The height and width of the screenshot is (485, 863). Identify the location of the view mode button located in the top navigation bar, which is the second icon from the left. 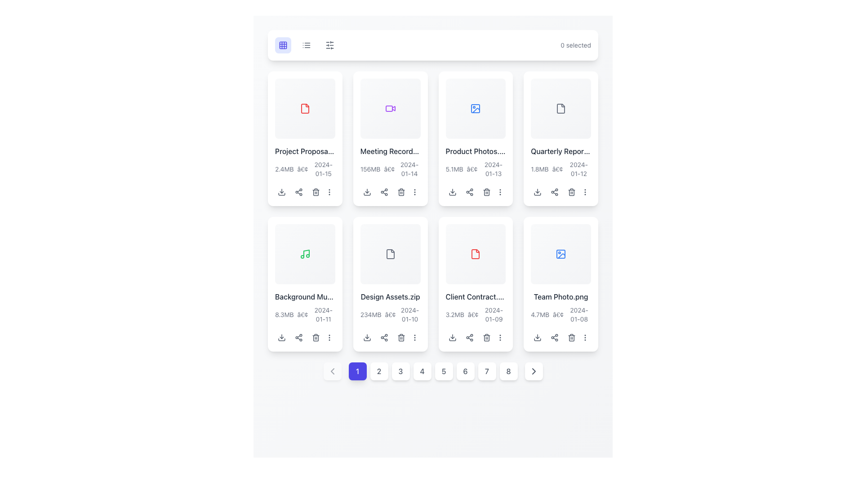
(306, 45).